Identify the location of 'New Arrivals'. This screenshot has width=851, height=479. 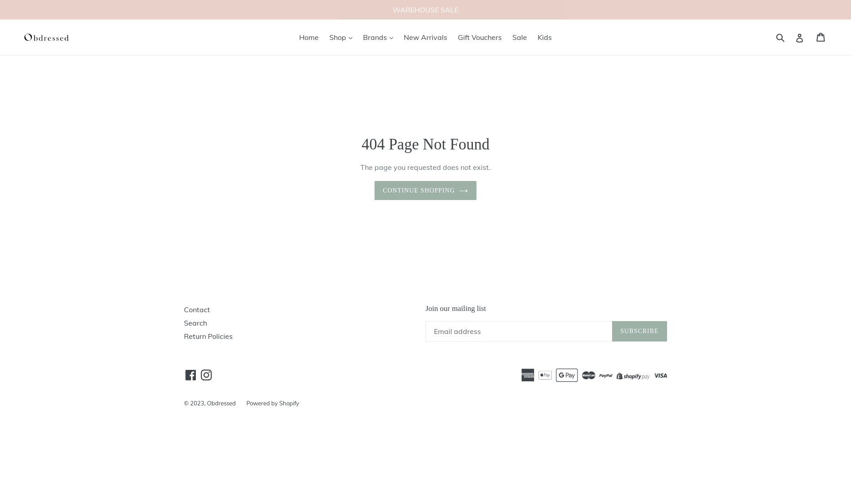
(425, 37).